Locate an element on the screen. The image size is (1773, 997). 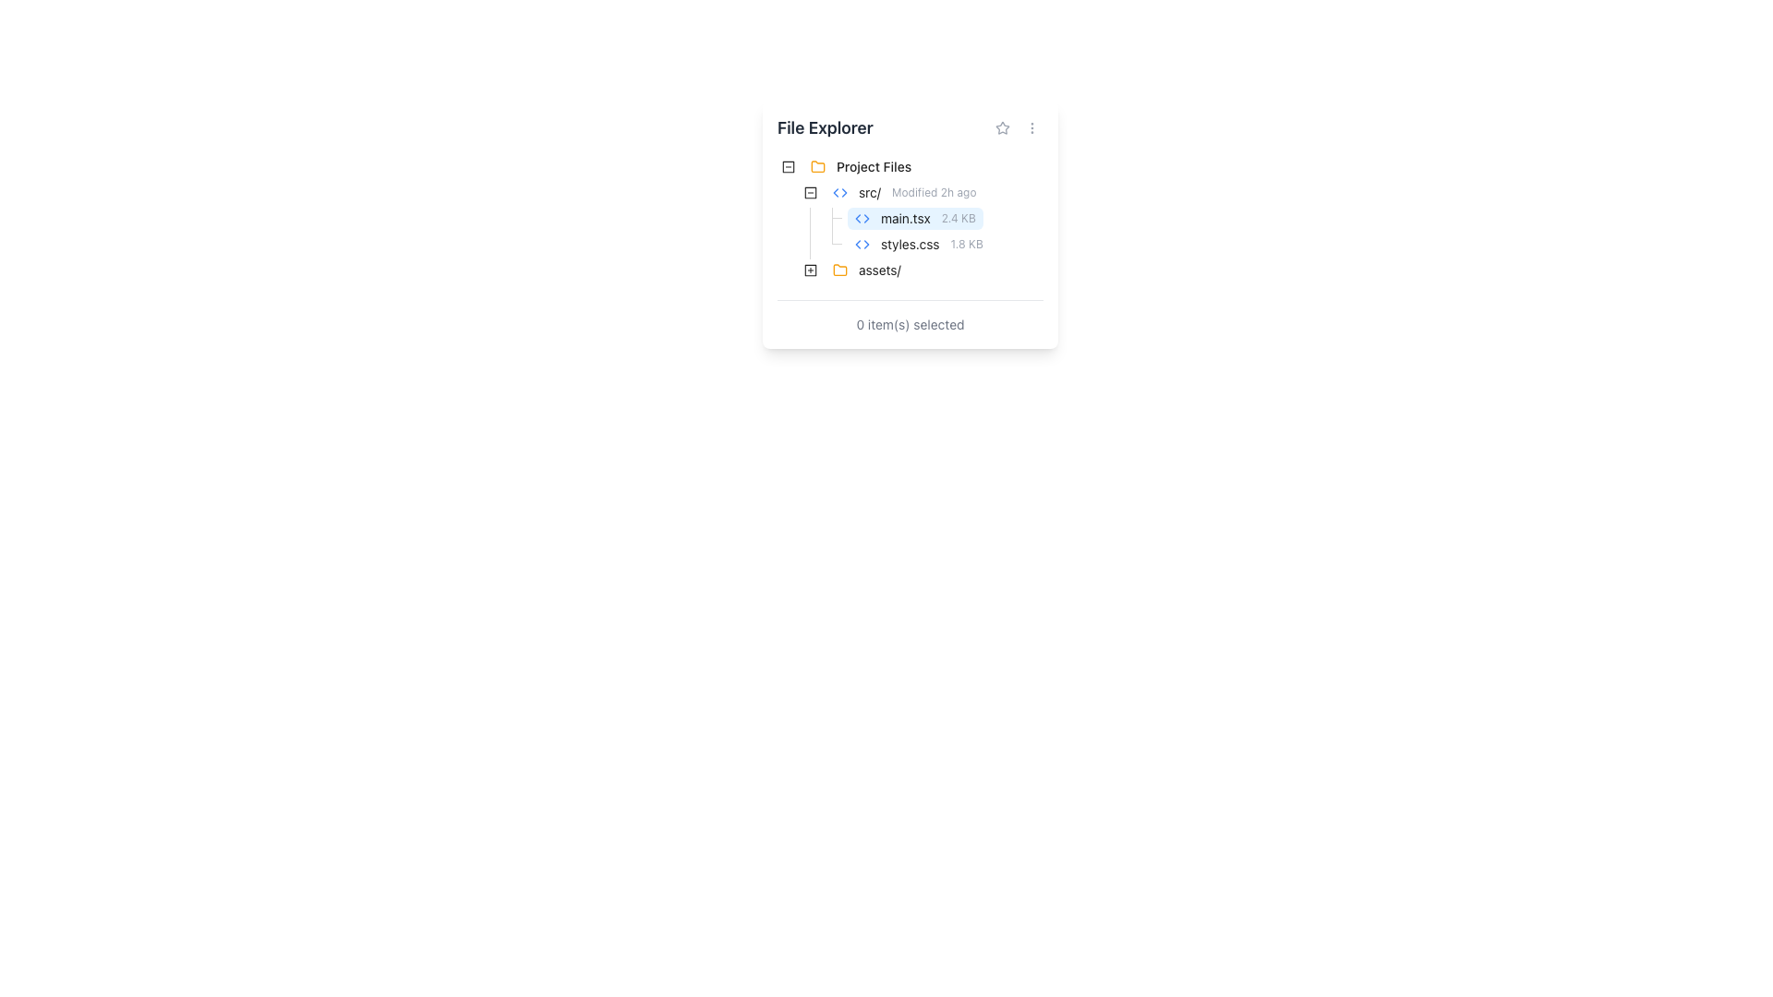
the text label representing the folder named 'assets/' within the 'Project Files/src/' directory in the file explorer is located at coordinates (878, 270).